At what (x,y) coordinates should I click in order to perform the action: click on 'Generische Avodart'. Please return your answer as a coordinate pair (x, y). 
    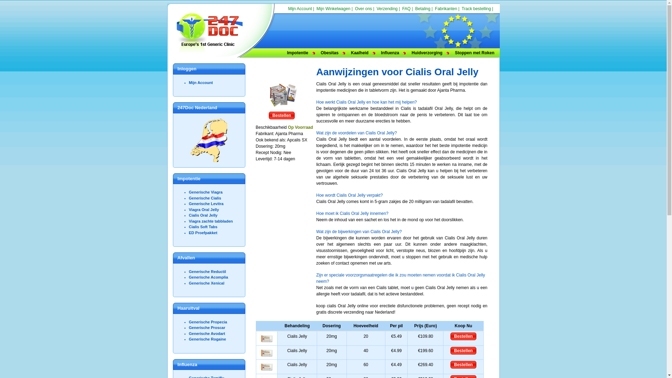
    Looking at the image, I should click on (206, 333).